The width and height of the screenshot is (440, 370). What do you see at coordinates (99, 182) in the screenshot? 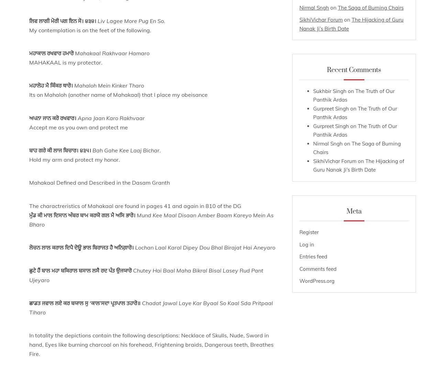
I see `'Mahakaal Defined and Described in the Dasam Granth'` at bounding box center [99, 182].